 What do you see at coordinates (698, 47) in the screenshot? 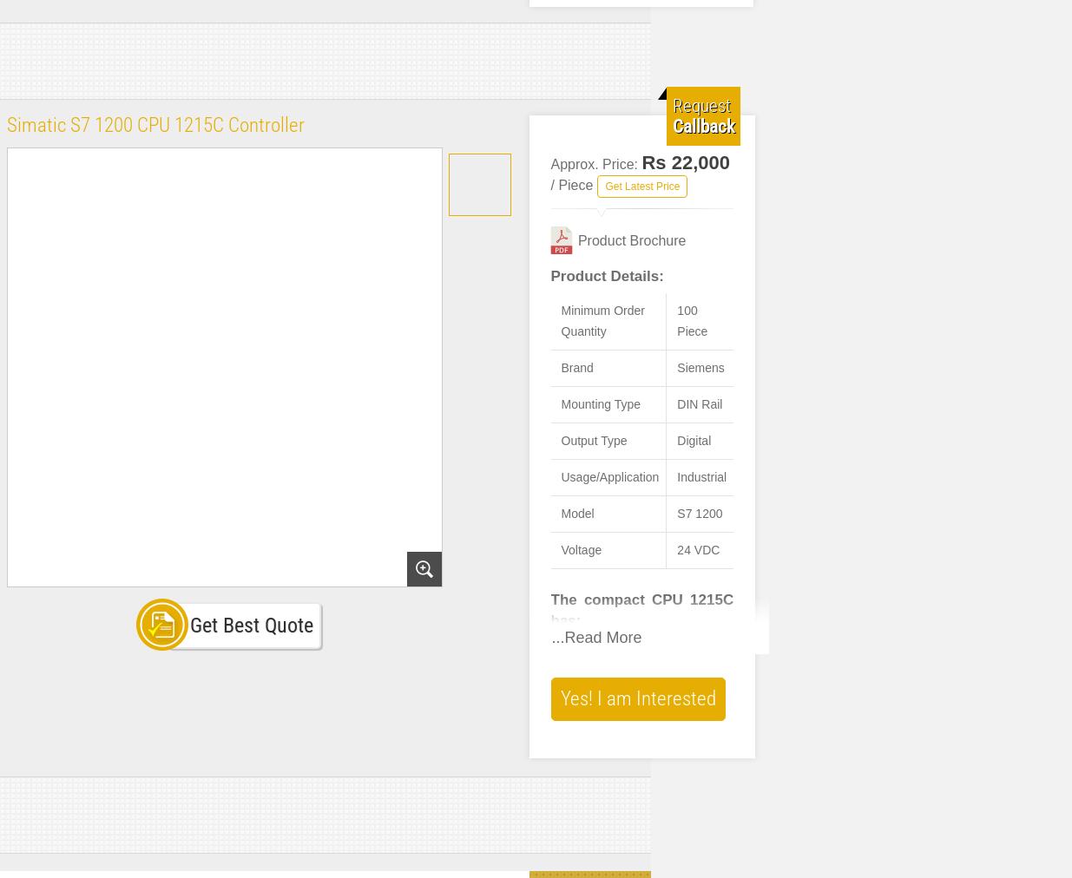
I see `'8 Mbyte'` at bounding box center [698, 47].